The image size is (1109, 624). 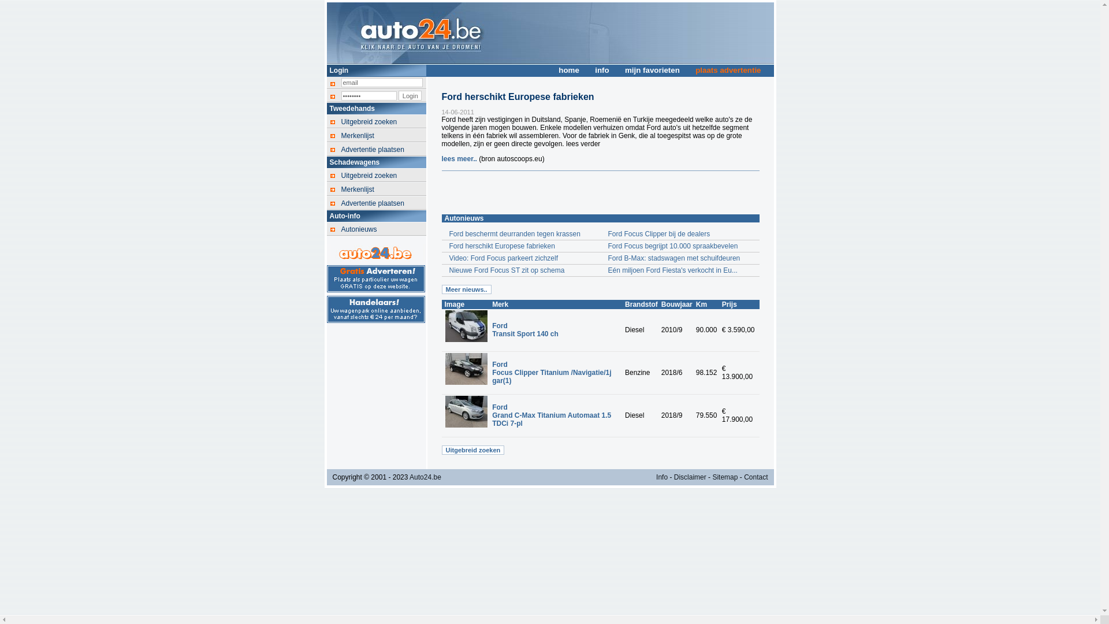 I want to click on 'Disclaimer', so click(x=673, y=477).